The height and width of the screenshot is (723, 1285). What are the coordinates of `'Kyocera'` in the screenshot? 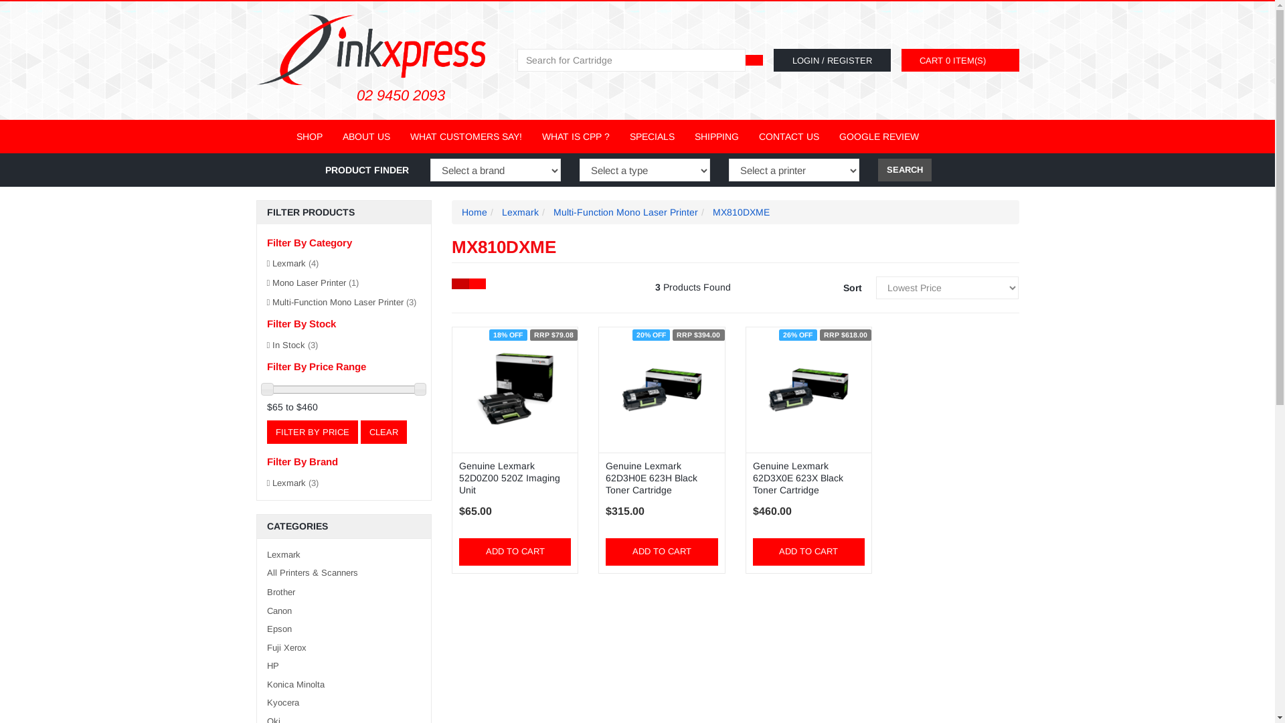 It's located at (257, 702).